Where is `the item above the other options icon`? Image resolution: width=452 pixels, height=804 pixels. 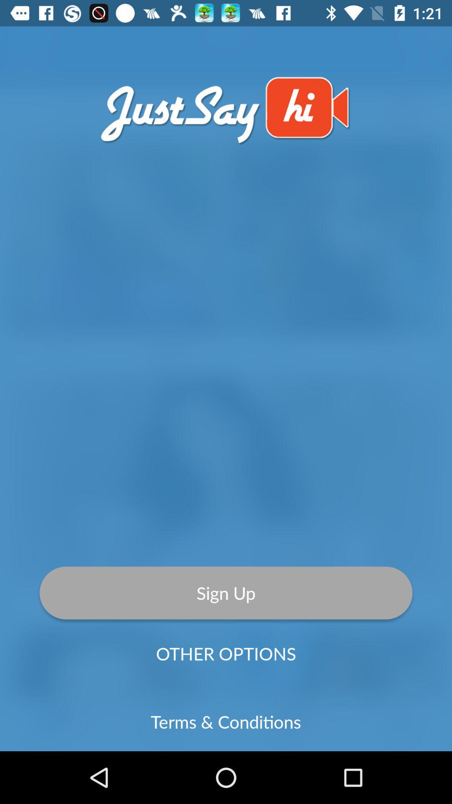
the item above the other options icon is located at coordinates (226, 593).